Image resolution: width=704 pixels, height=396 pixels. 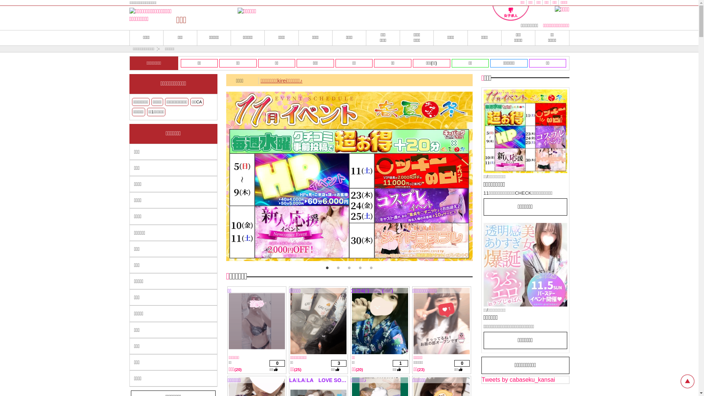 I want to click on 'Tweets by cabaseku_kansai', so click(x=518, y=379).